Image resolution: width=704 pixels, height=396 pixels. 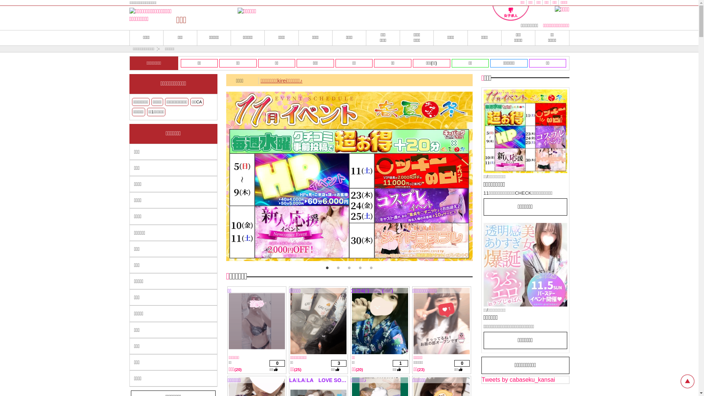 I want to click on 'Tweets by cabaseku_kansai', so click(x=518, y=379).